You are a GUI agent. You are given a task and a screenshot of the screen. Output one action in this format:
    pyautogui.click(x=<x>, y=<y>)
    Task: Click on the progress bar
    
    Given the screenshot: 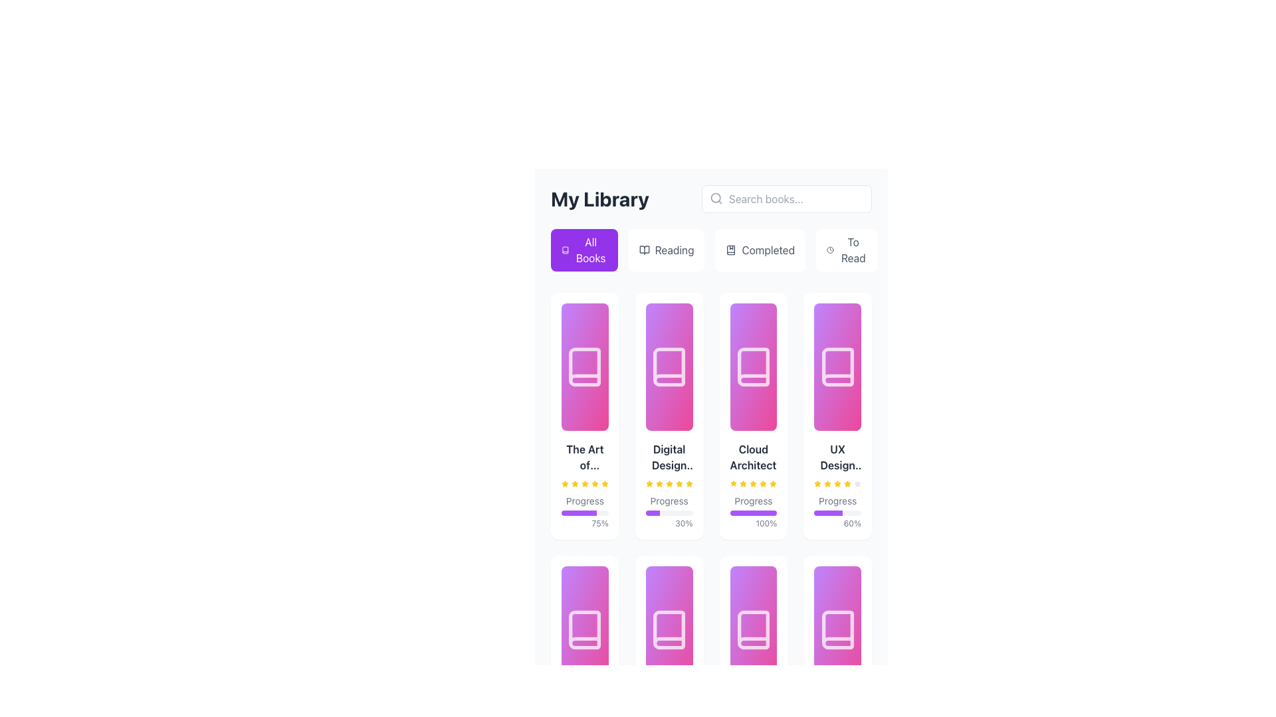 What is the action you would take?
    pyautogui.click(x=583, y=512)
    